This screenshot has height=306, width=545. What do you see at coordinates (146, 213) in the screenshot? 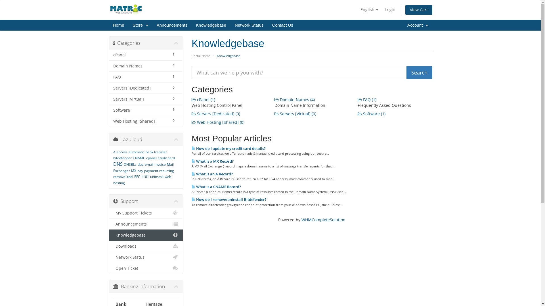
I see `'  My Support Tickets'` at bounding box center [146, 213].